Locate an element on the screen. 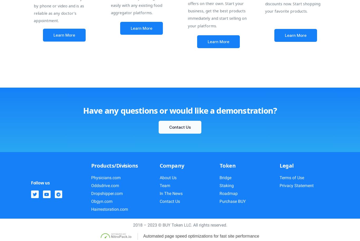 Image resolution: width=360 pixels, height=241 pixels. 'Company' is located at coordinates (159, 165).